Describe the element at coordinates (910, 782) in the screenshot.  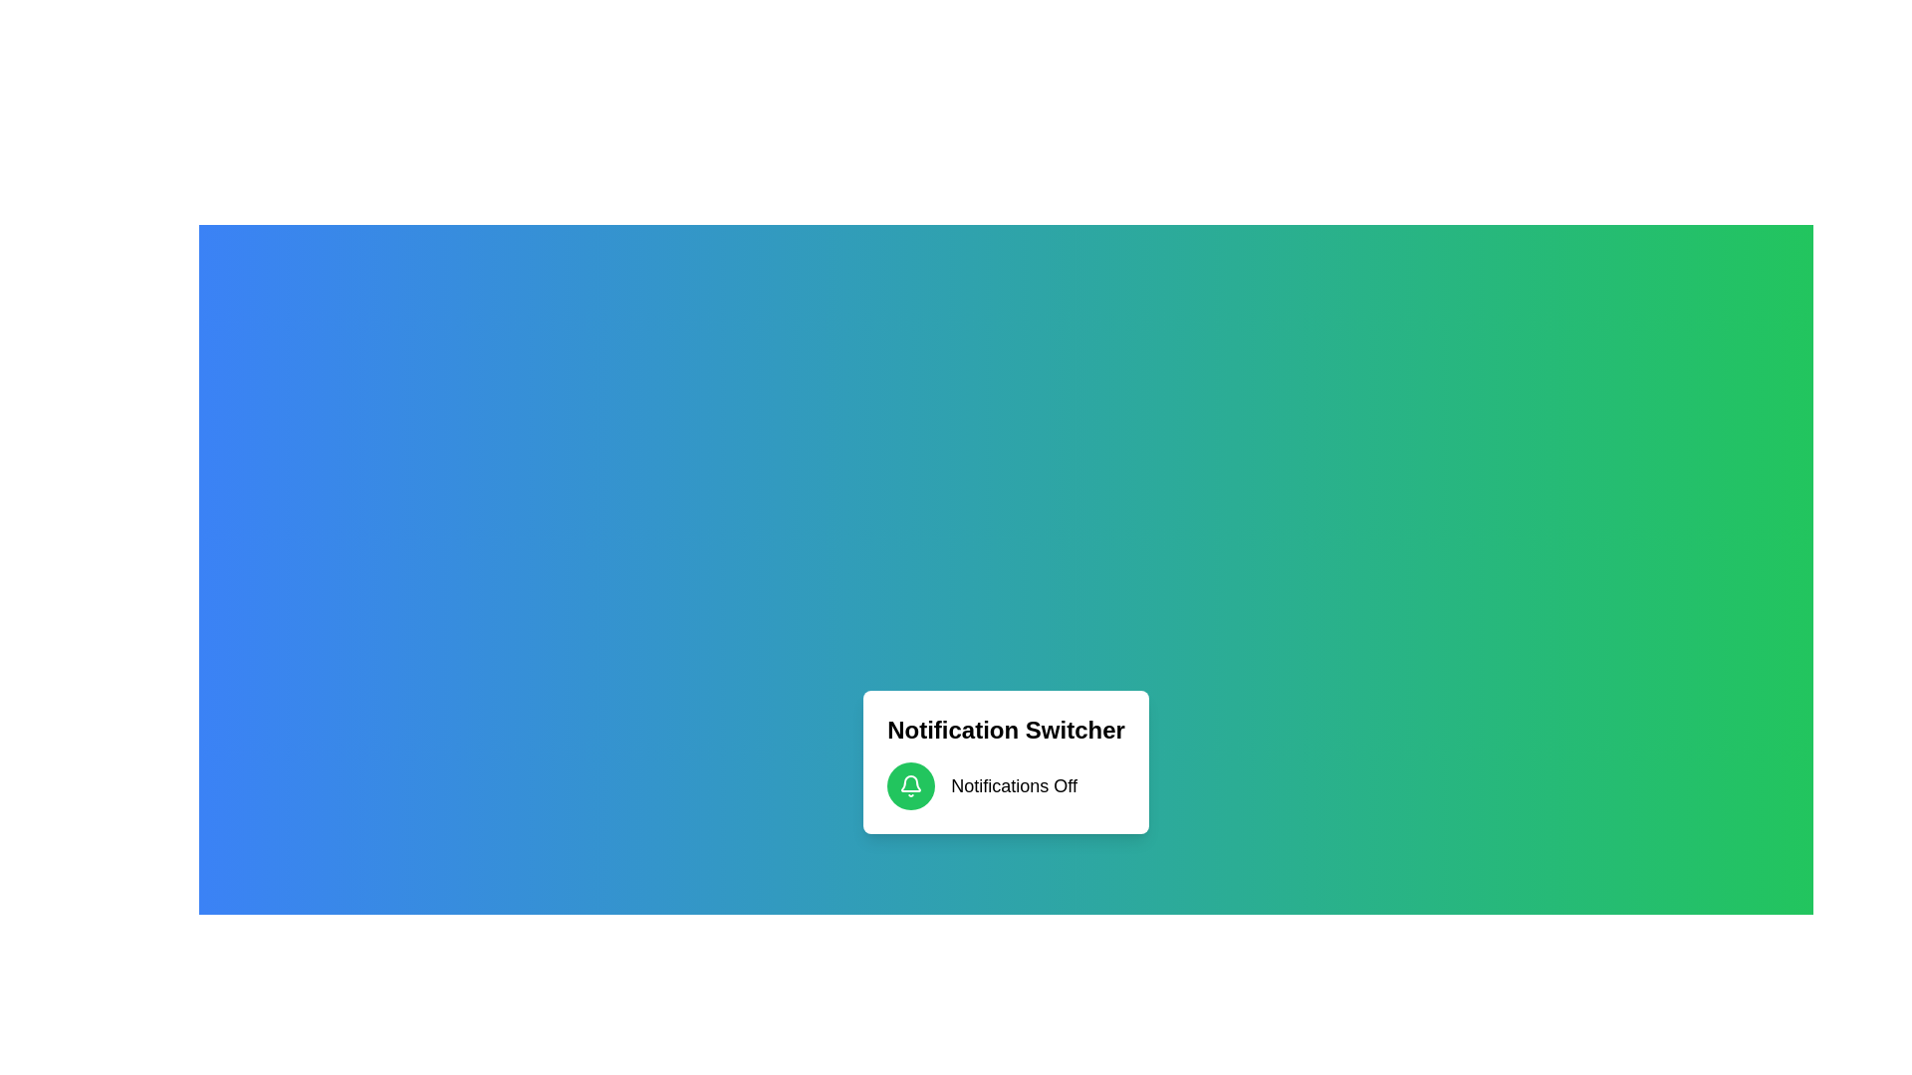
I see `the bell icon representing notifications in the notification area, located beneath the title 'Notification Switcher' and adjacent to 'Notifications Off'` at that location.